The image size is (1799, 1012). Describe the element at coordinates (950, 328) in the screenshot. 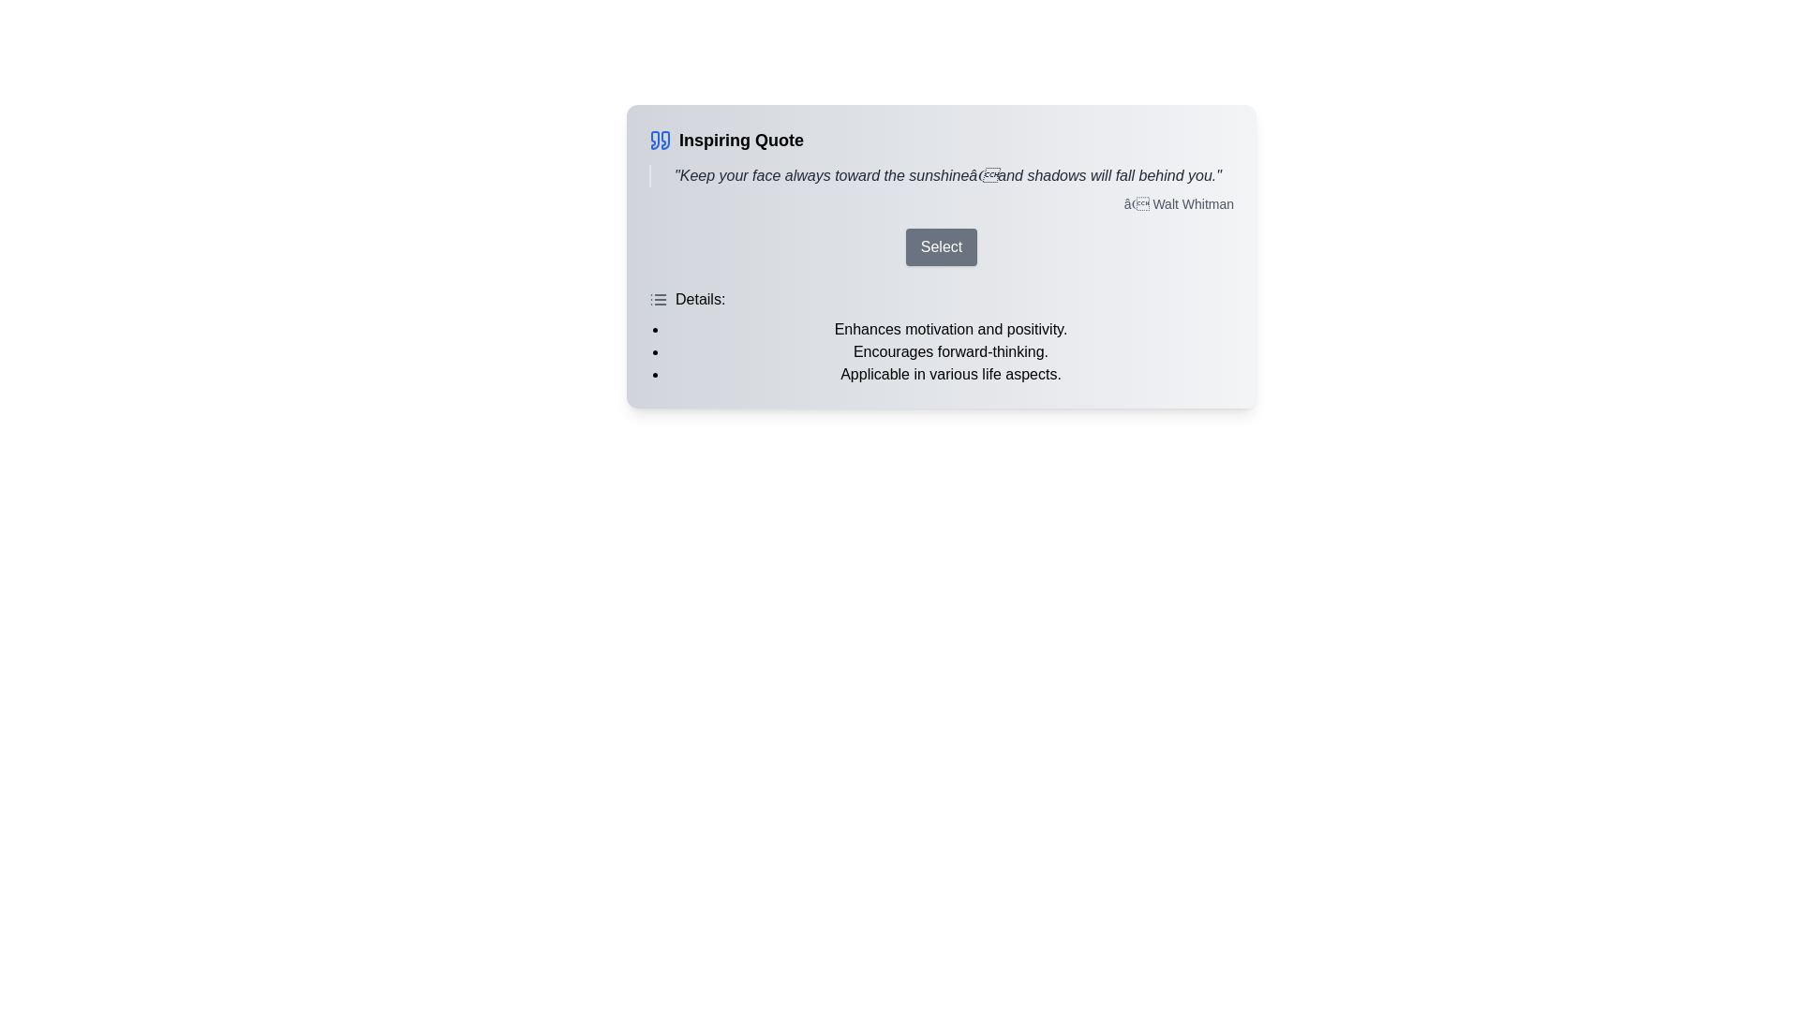

I see `the text element containing the sentence 'Enhances motivation and positivity.' which is the first entry in the bulleted list under the 'Details:' section` at that location.